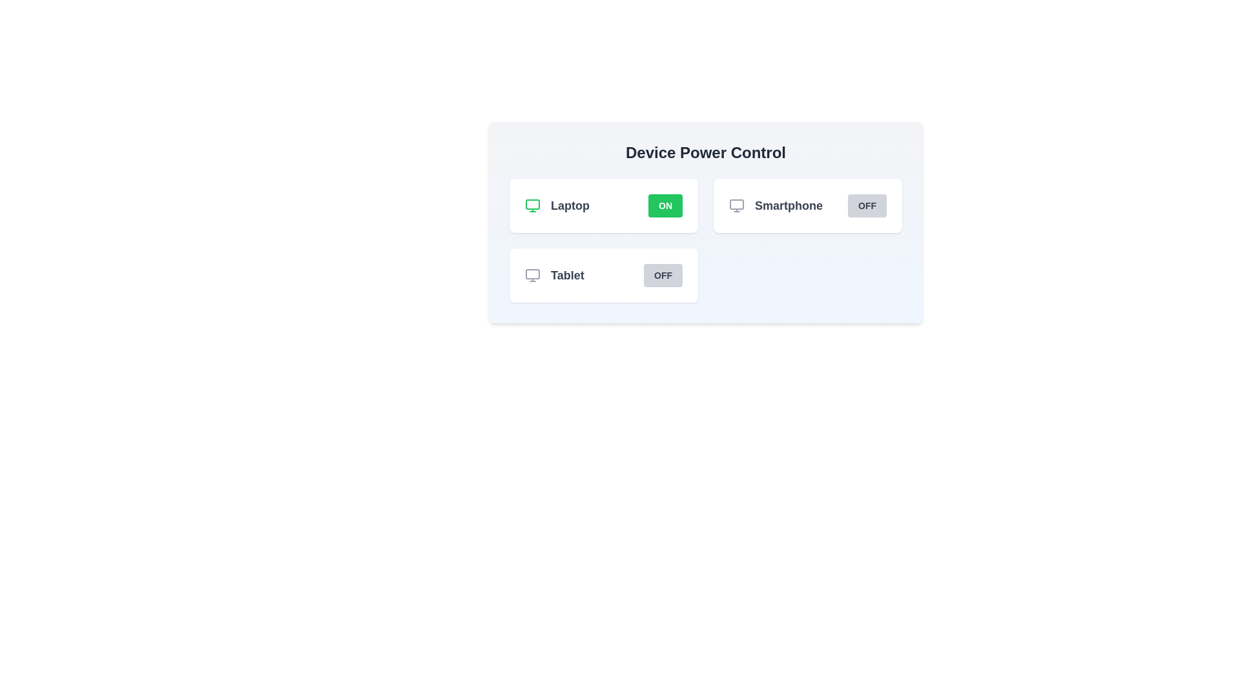 The image size is (1240, 697). I want to click on the text 'Device Power Control' for copying or inspection, so click(705, 152).